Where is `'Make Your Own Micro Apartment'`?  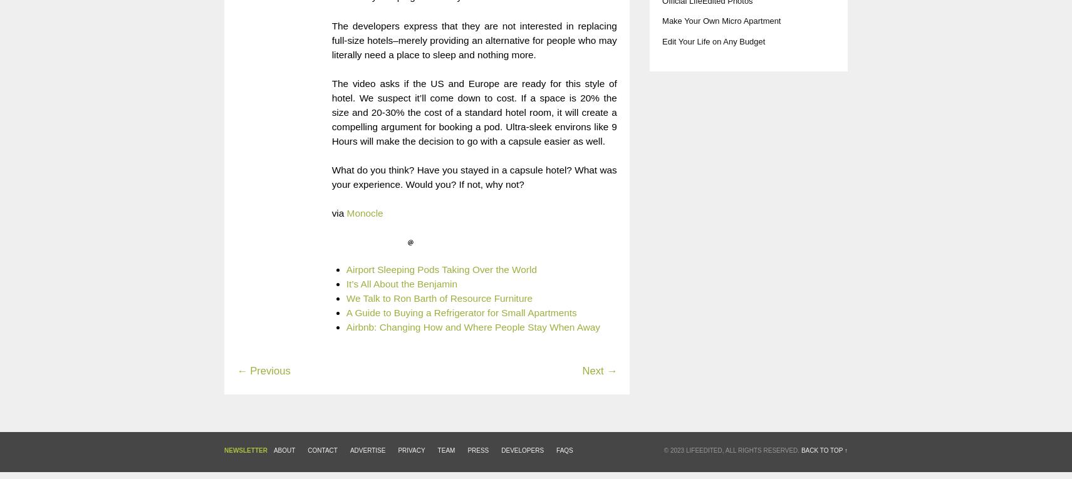 'Make Your Own Micro Apartment' is located at coordinates (721, 20).